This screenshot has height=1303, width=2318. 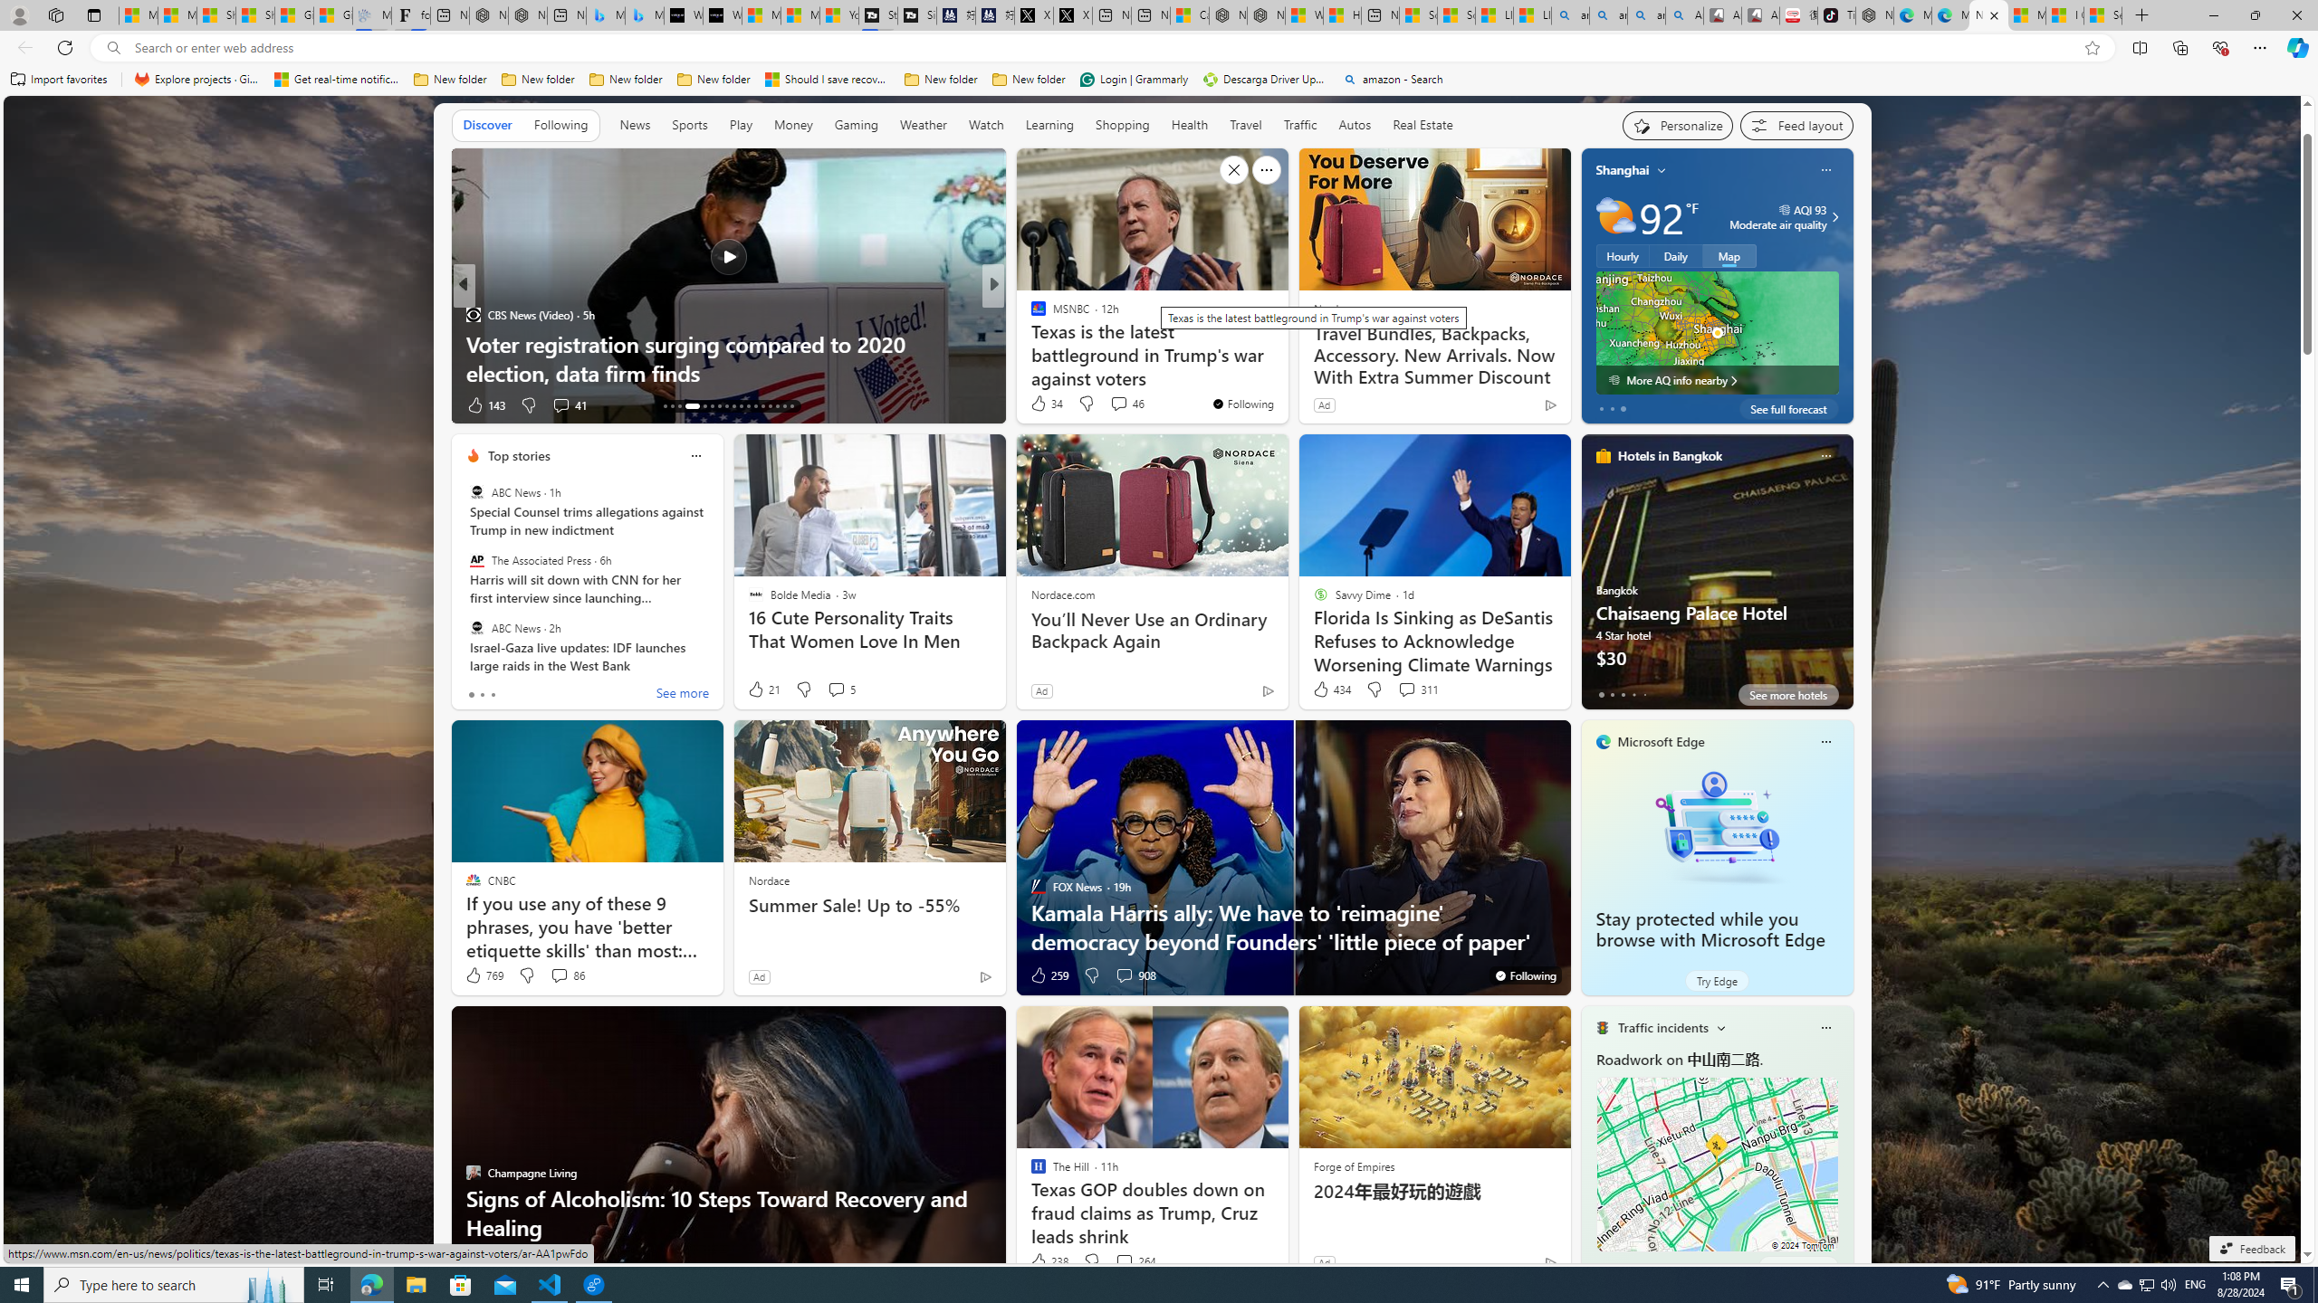 What do you see at coordinates (739, 124) in the screenshot?
I see `'Play'` at bounding box center [739, 124].